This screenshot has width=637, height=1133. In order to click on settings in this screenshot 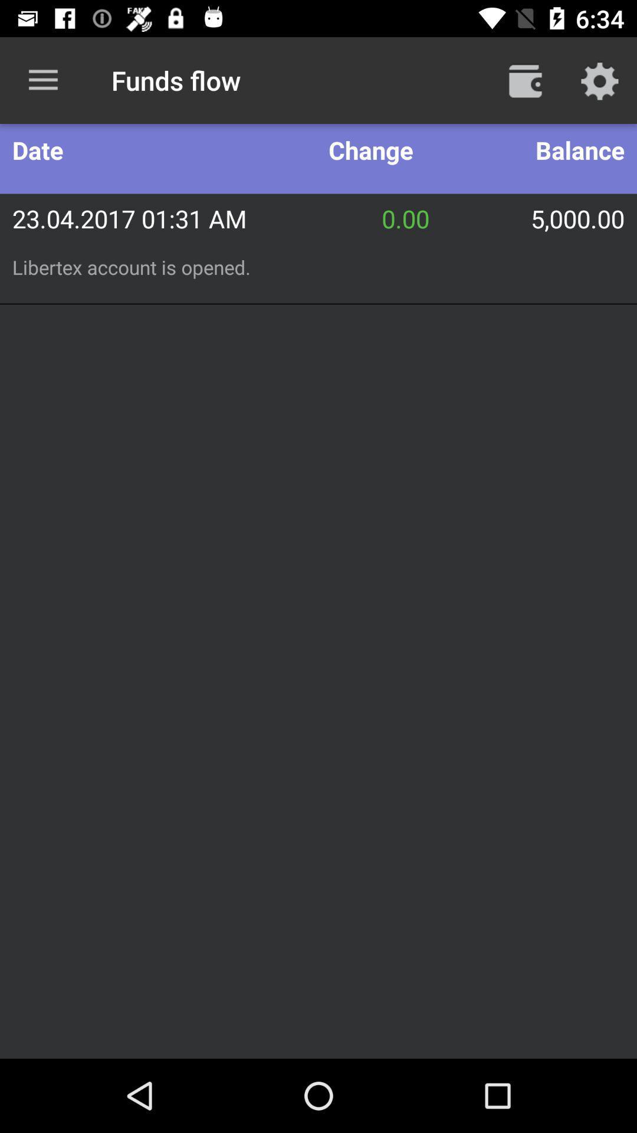, I will do `click(600, 80)`.